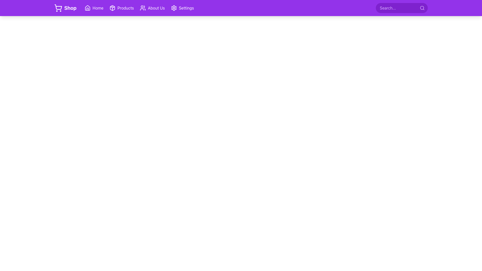 This screenshot has height=271, width=482. Describe the element at coordinates (112, 8) in the screenshot. I see `the 'Products' icon located in the horizontal navigation bar, positioned between the 'Home' and 'Products' menu items` at that location.